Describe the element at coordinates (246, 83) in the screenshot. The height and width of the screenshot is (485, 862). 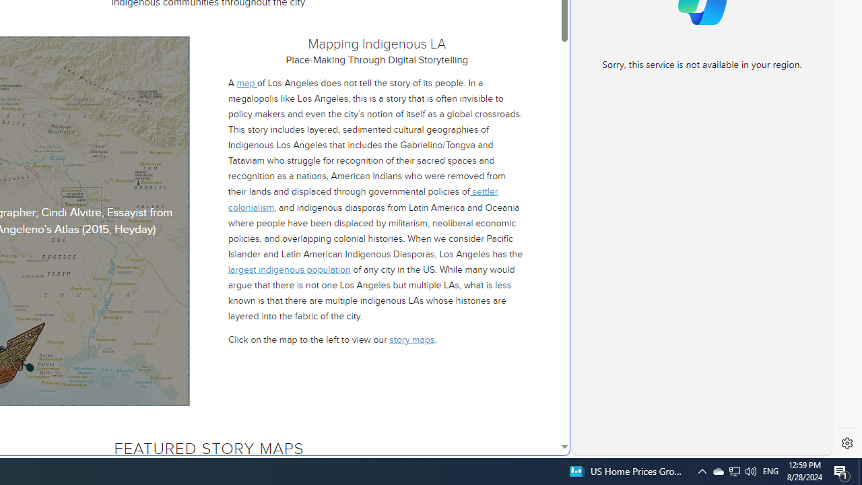
I see `'map '` at that location.